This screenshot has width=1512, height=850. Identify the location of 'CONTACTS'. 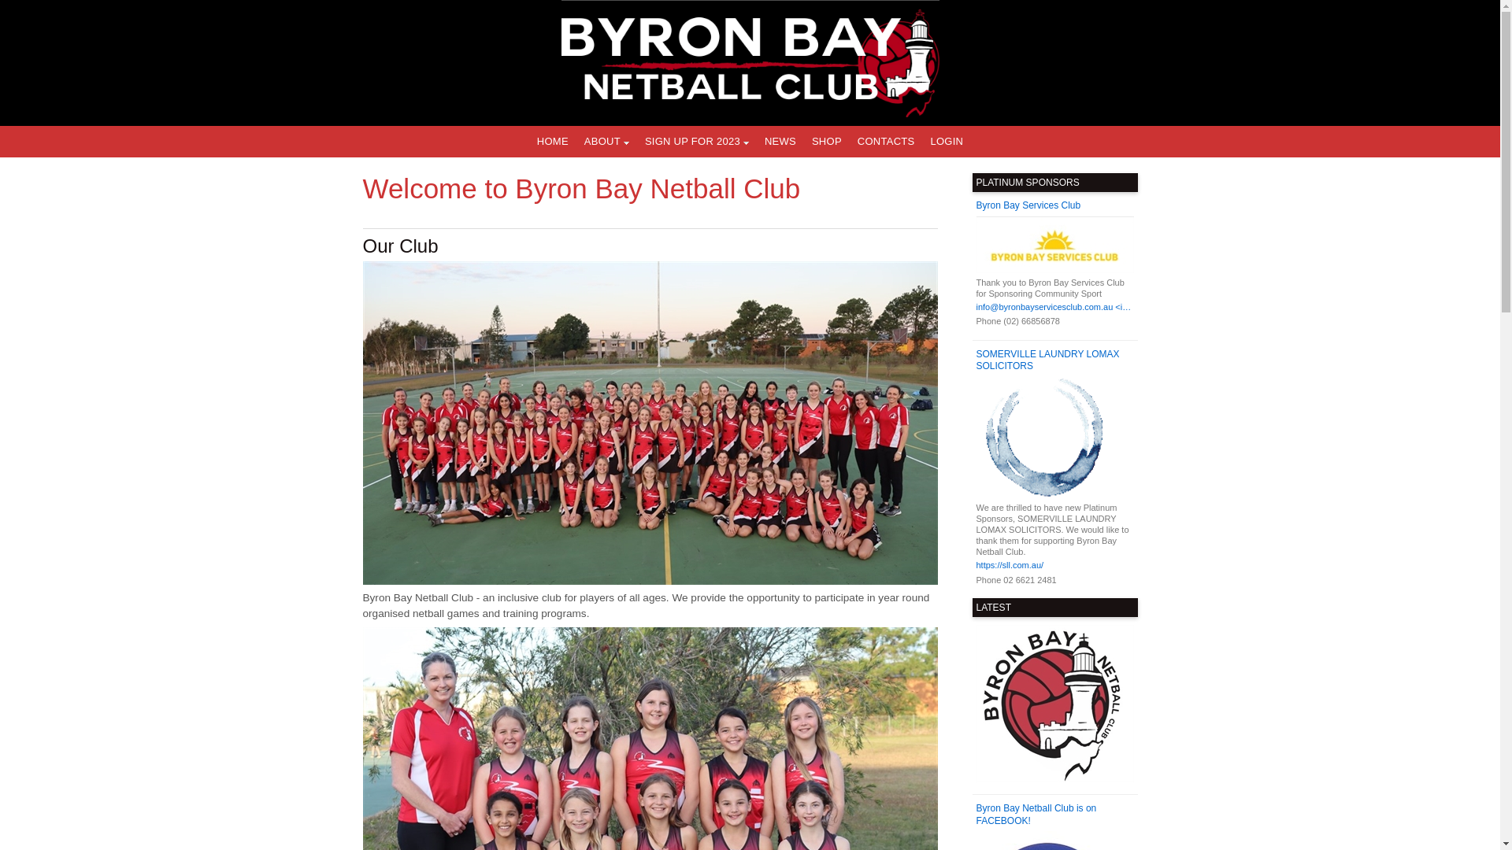
(886, 142).